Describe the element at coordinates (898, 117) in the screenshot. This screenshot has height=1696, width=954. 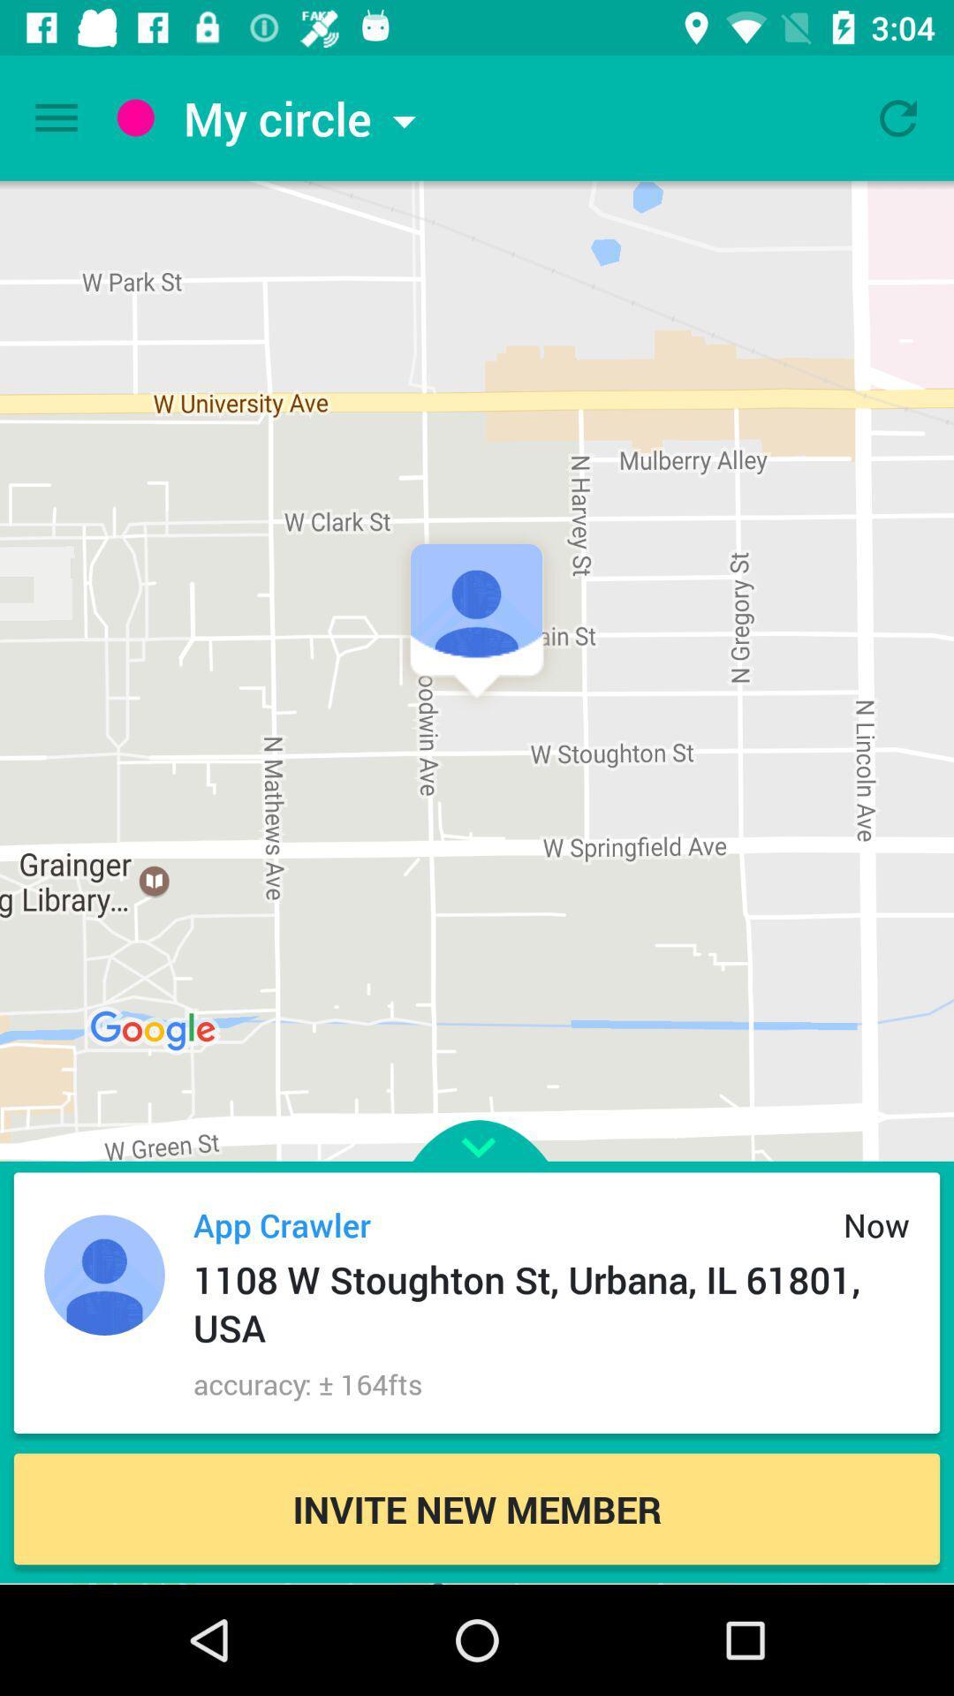
I see `rotate` at that location.